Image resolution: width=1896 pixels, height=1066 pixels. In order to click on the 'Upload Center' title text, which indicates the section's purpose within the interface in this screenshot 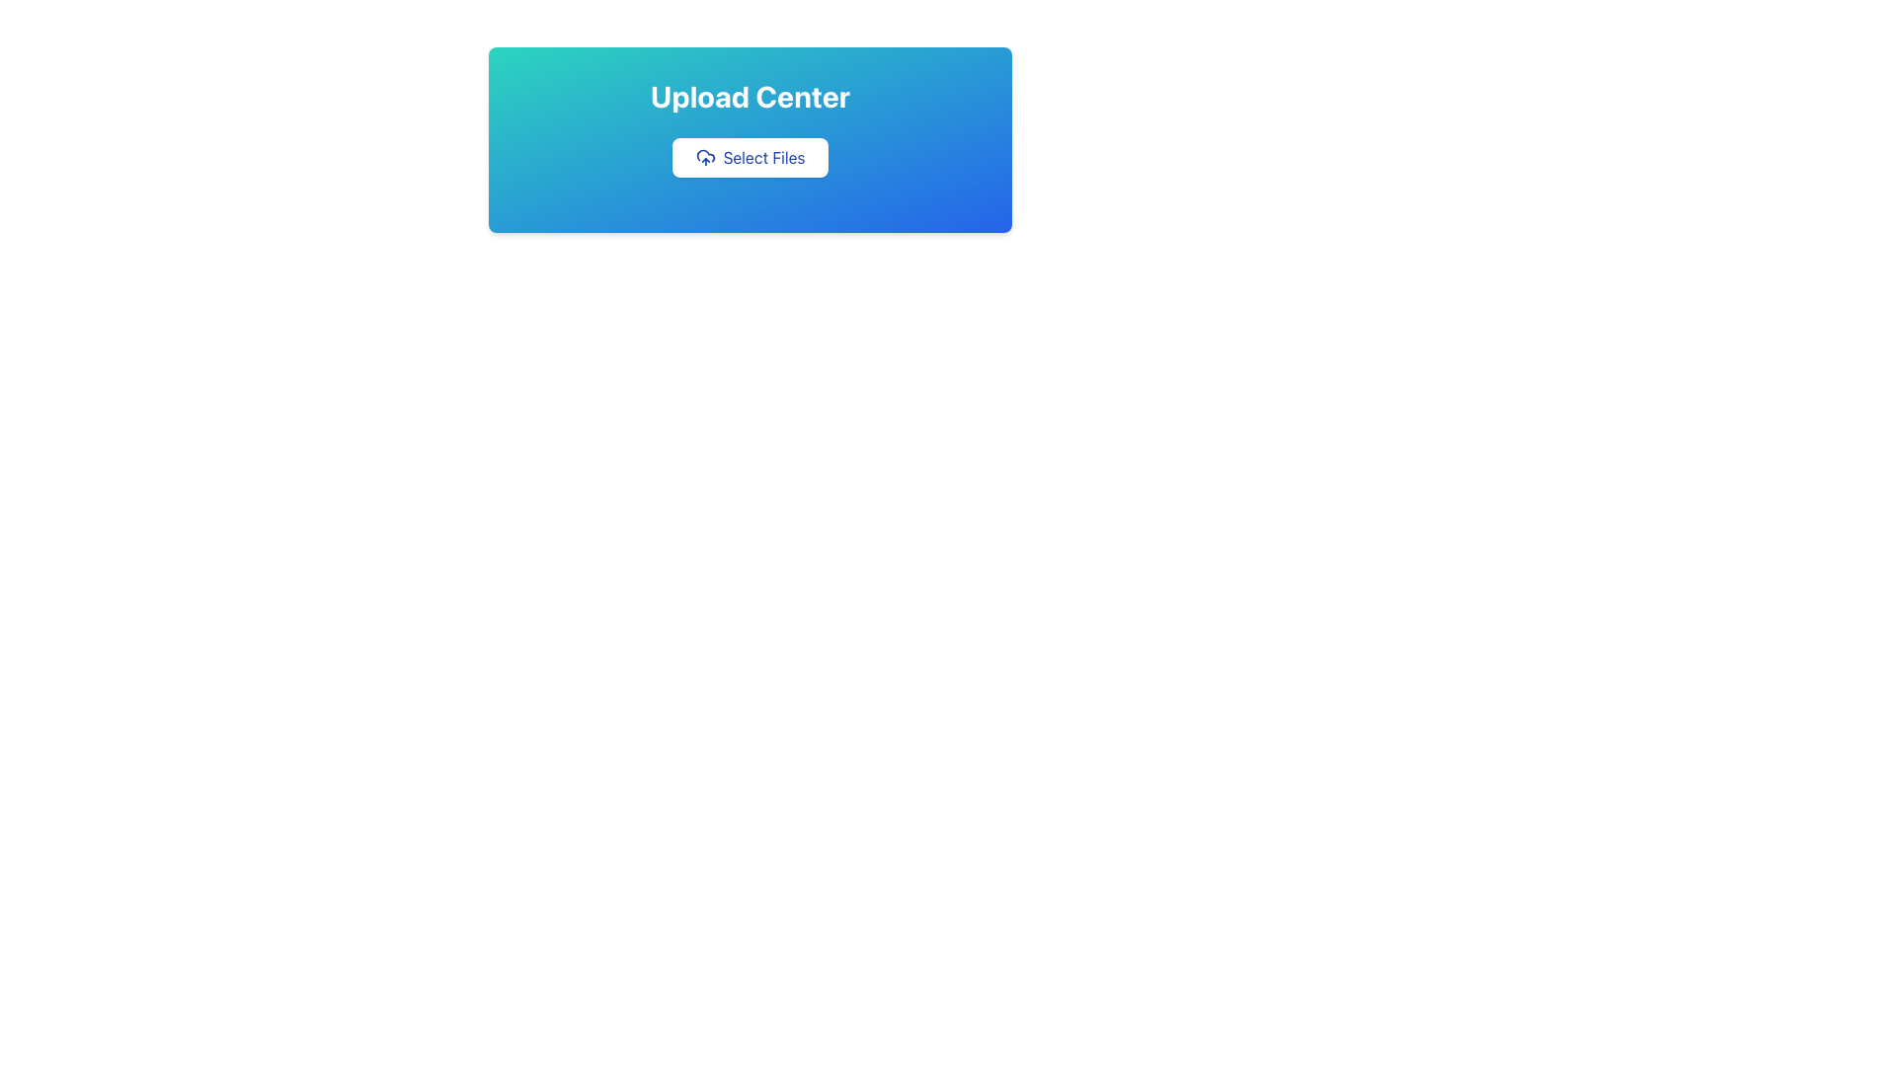, I will do `click(749, 96)`.